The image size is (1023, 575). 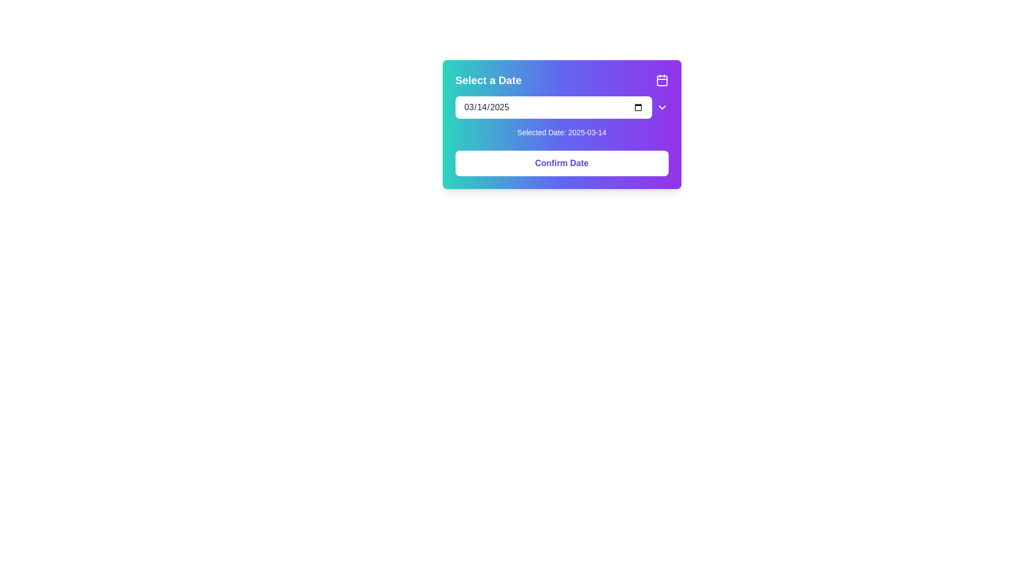 What do you see at coordinates (662, 107) in the screenshot?
I see `the button/icon located immediately to the right of the date input field` at bounding box center [662, 107].